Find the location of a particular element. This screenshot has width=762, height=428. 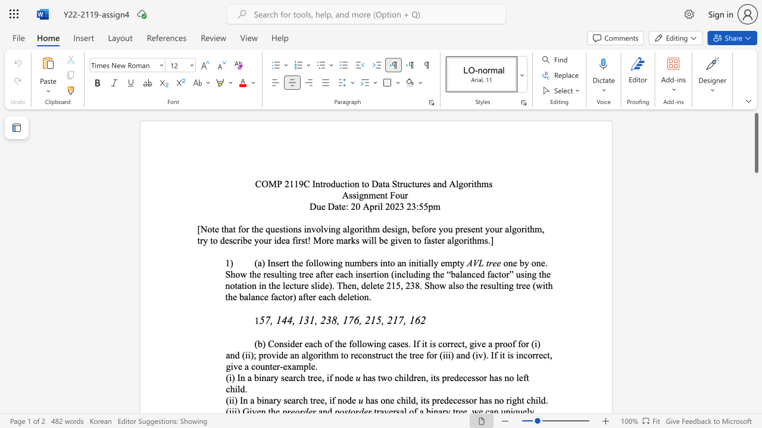

the page's right scrollbar for downward movement is located at coordinates (755, 273).